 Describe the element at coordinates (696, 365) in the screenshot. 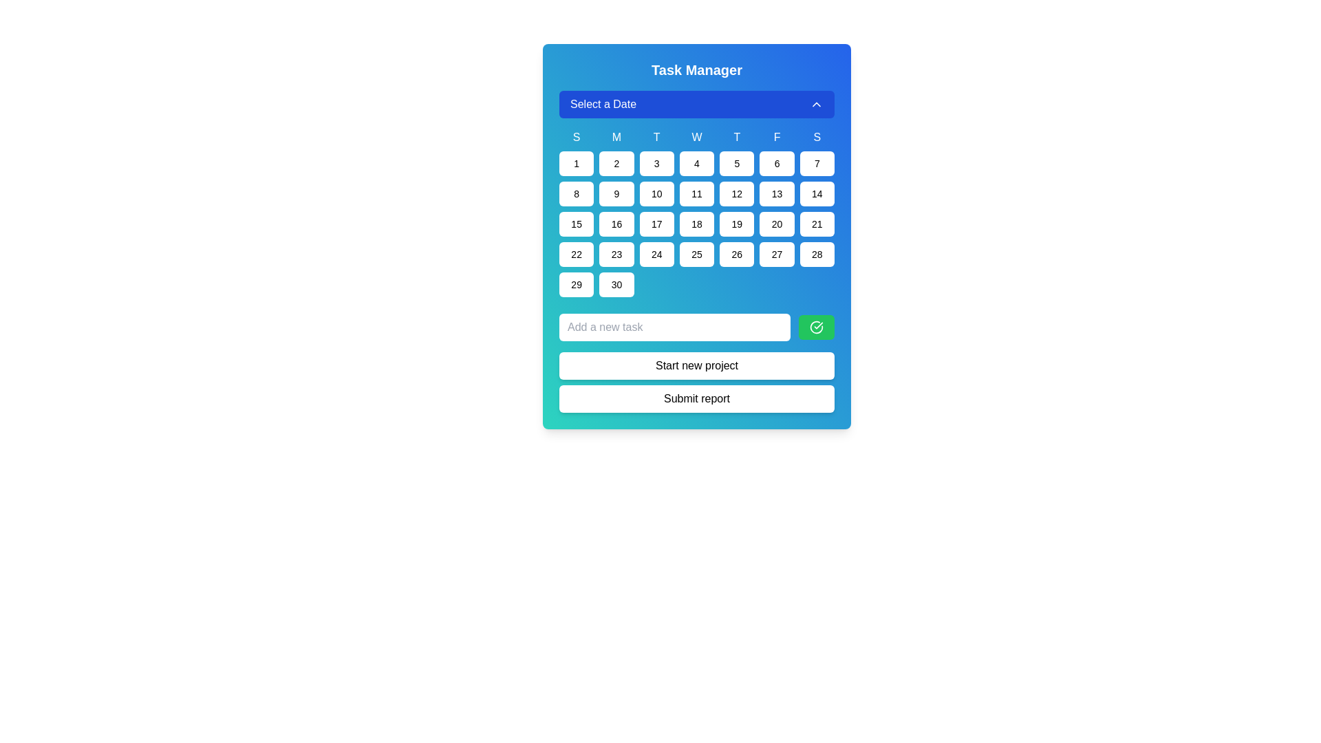

I see `the 'Create New Project' button located at the bottom of the 'Task Manager' interface, which is the first button in a group of two buttons` at that location.